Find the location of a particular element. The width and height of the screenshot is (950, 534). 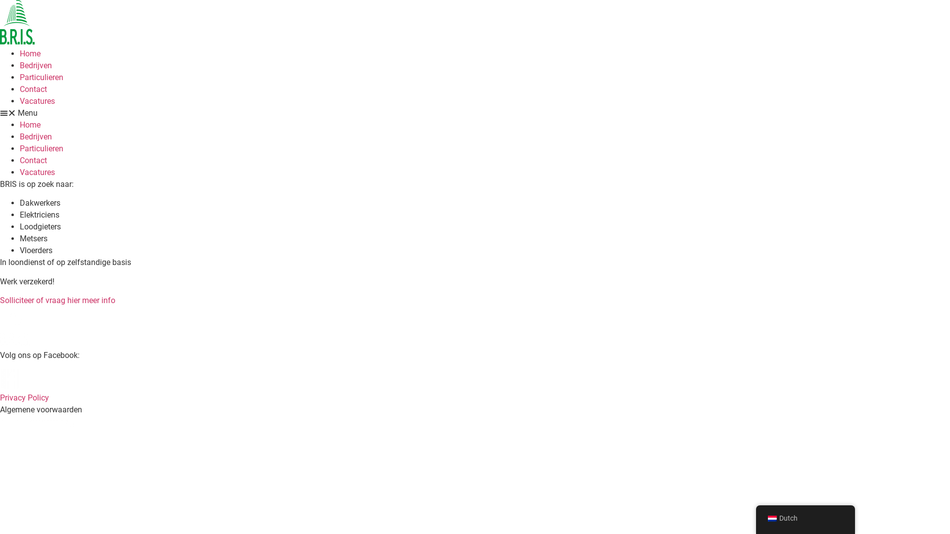

'Solliciteer of vraag hier meer info' is located at coordinates (57, 300).